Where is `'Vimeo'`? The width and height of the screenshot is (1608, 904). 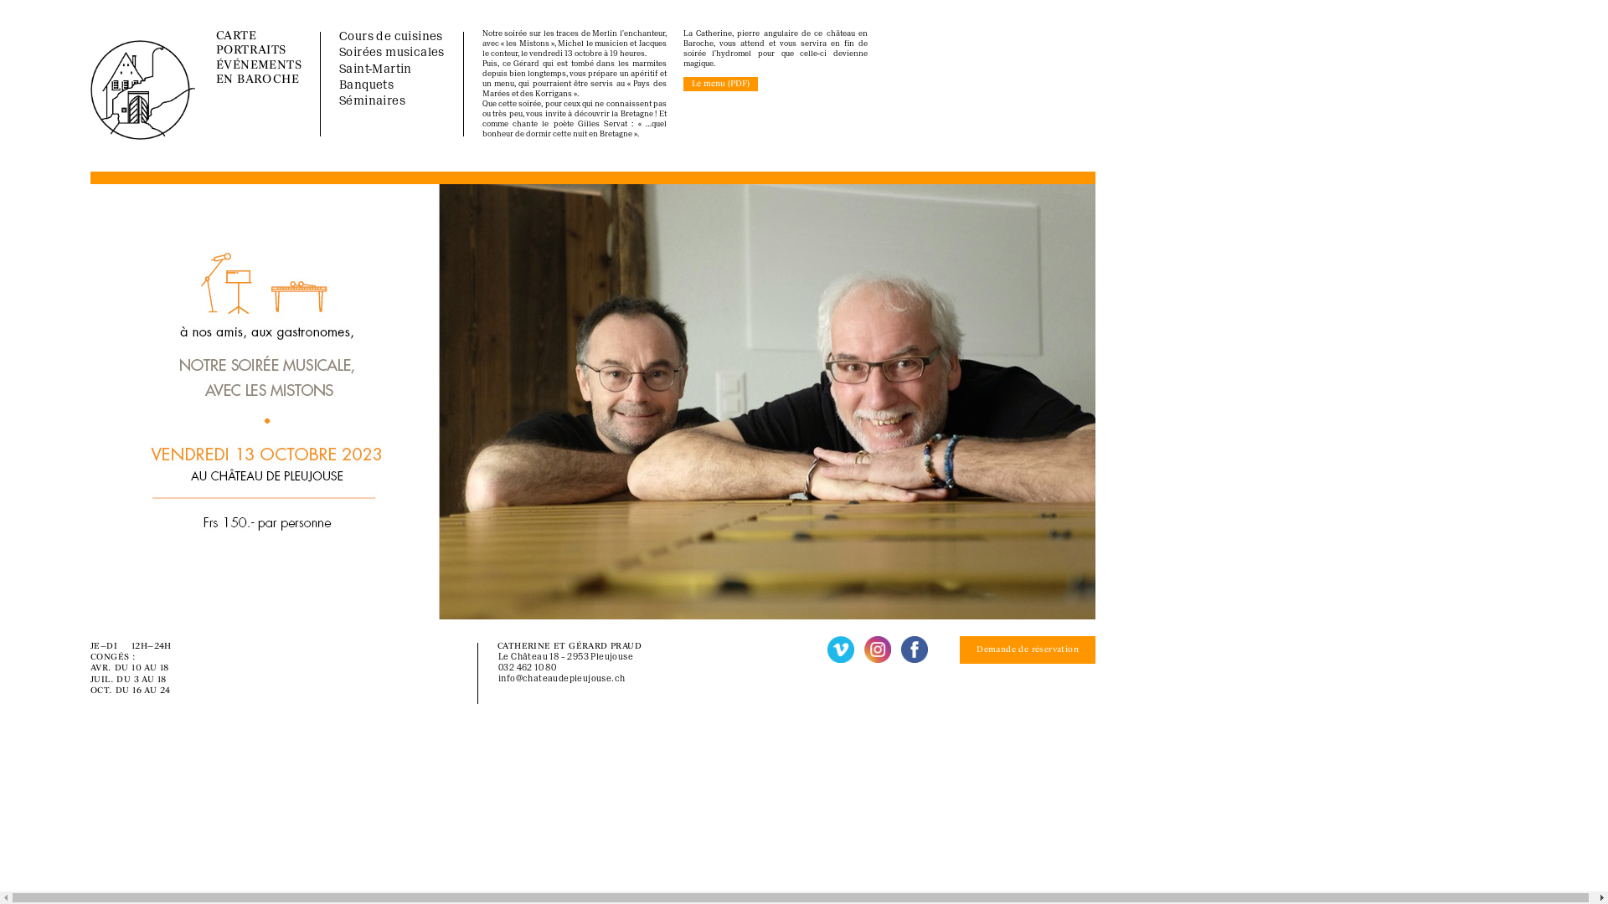 'Vimeo' is located at coordinates (840, 648).